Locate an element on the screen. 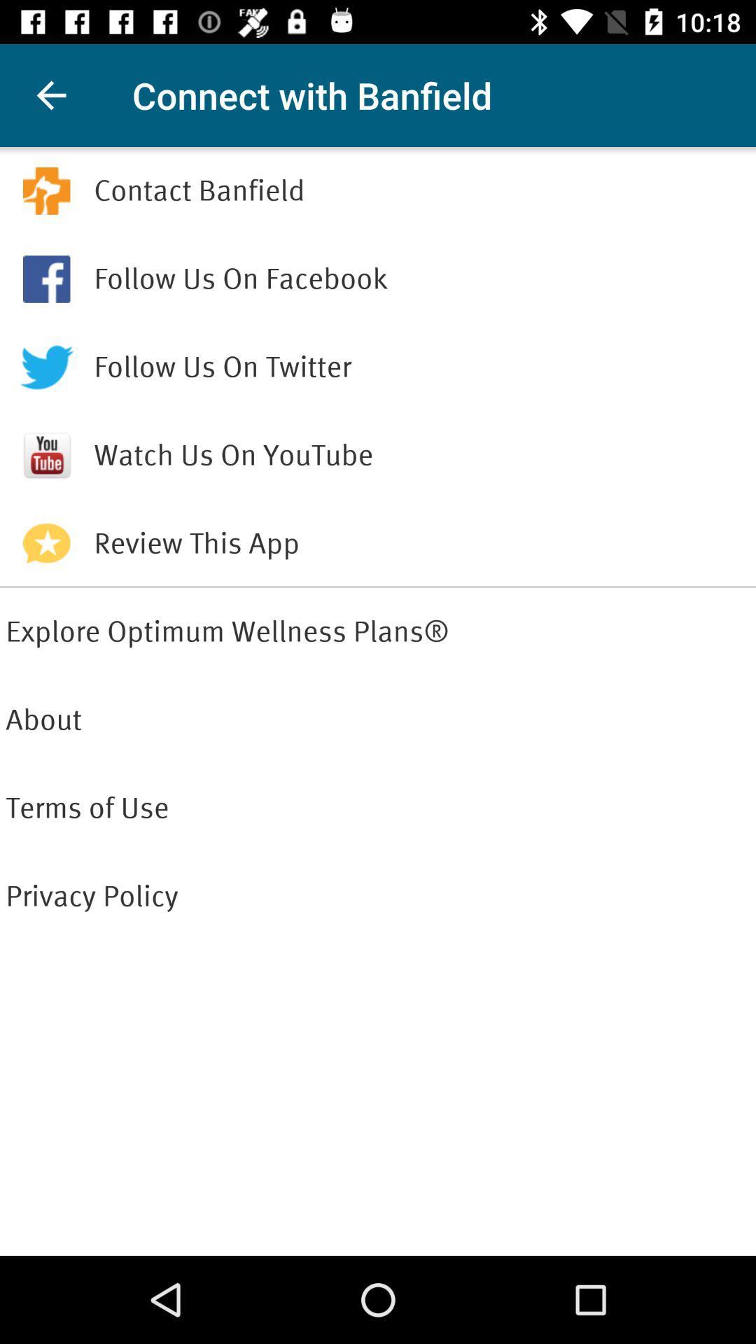 This screenshot has height=1344, width=756. the about item is located at coordinates (378, 720).